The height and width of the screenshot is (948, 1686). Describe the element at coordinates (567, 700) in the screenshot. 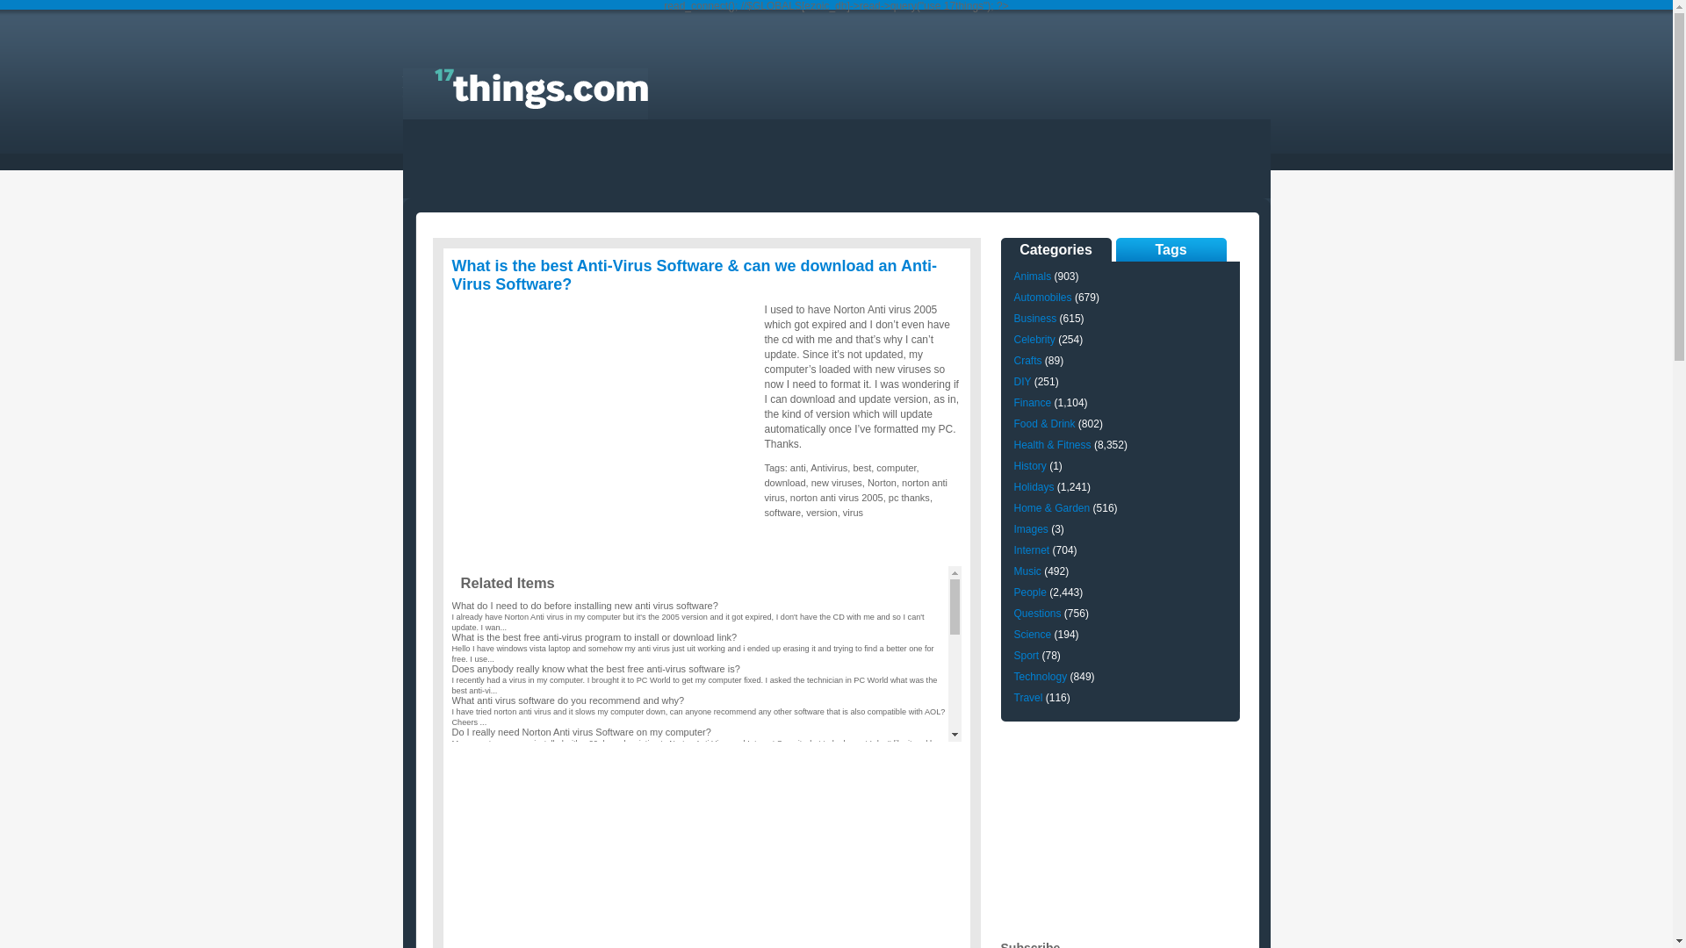

I see `'What anti virus software do you recommend and why?'` at that location.